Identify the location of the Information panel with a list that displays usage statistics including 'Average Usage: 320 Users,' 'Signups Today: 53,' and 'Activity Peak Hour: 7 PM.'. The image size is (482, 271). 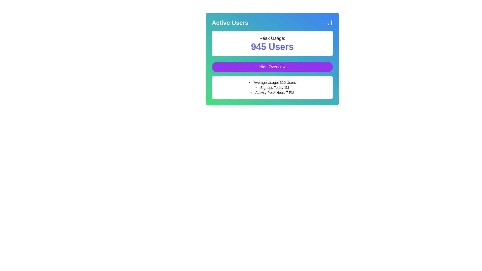
(272, 87).